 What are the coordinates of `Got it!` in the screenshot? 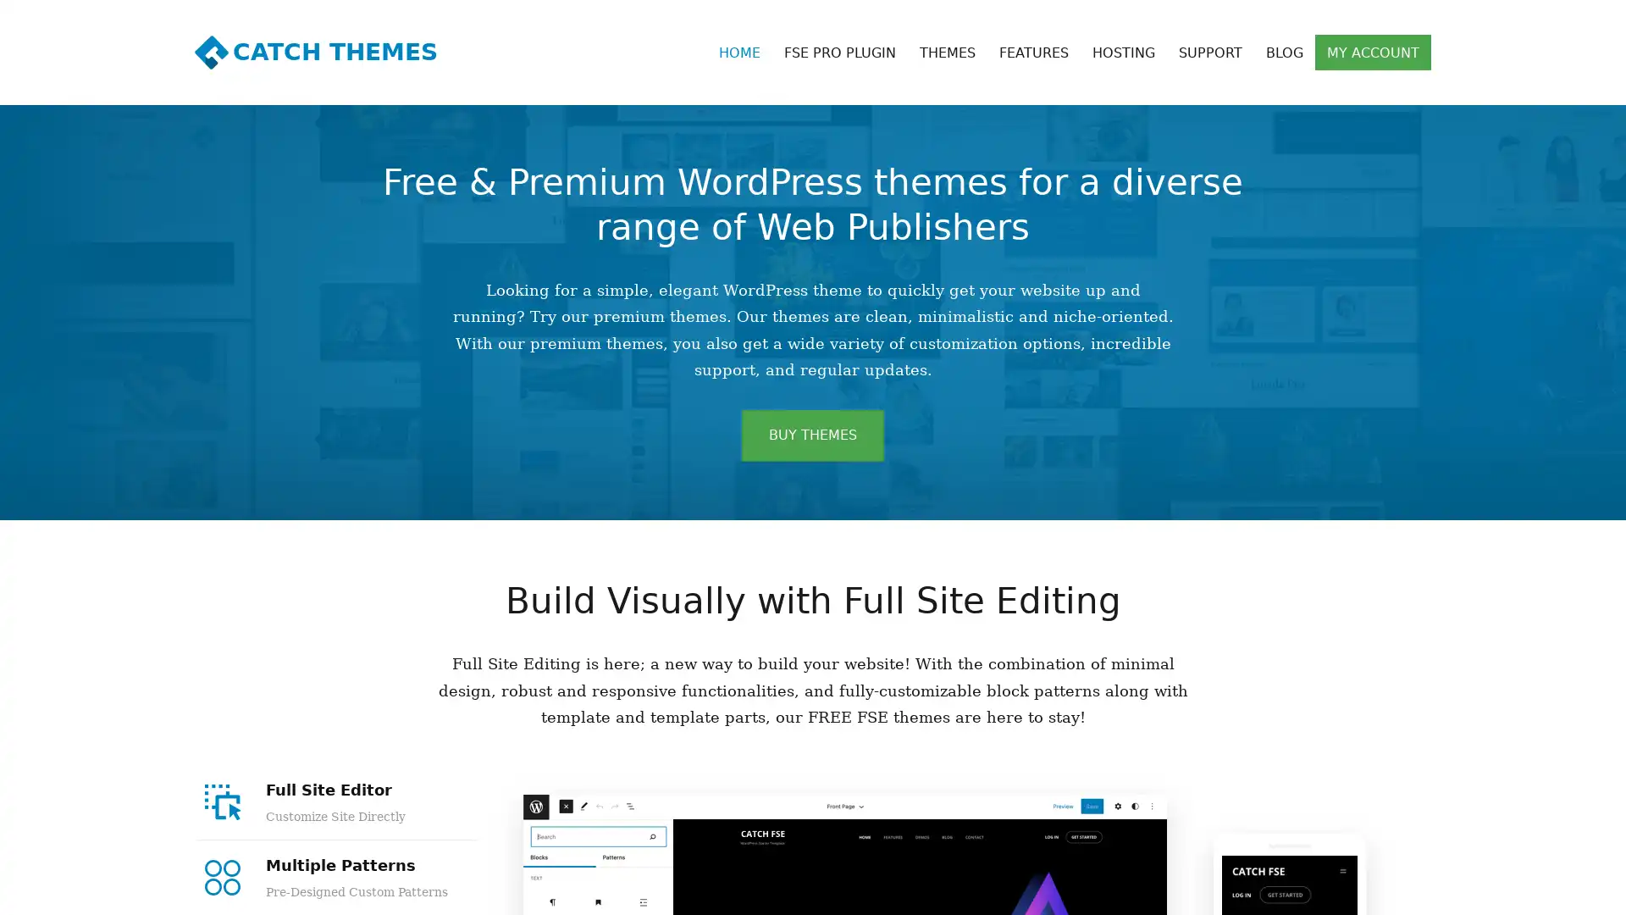 It's located at (1576, 893).